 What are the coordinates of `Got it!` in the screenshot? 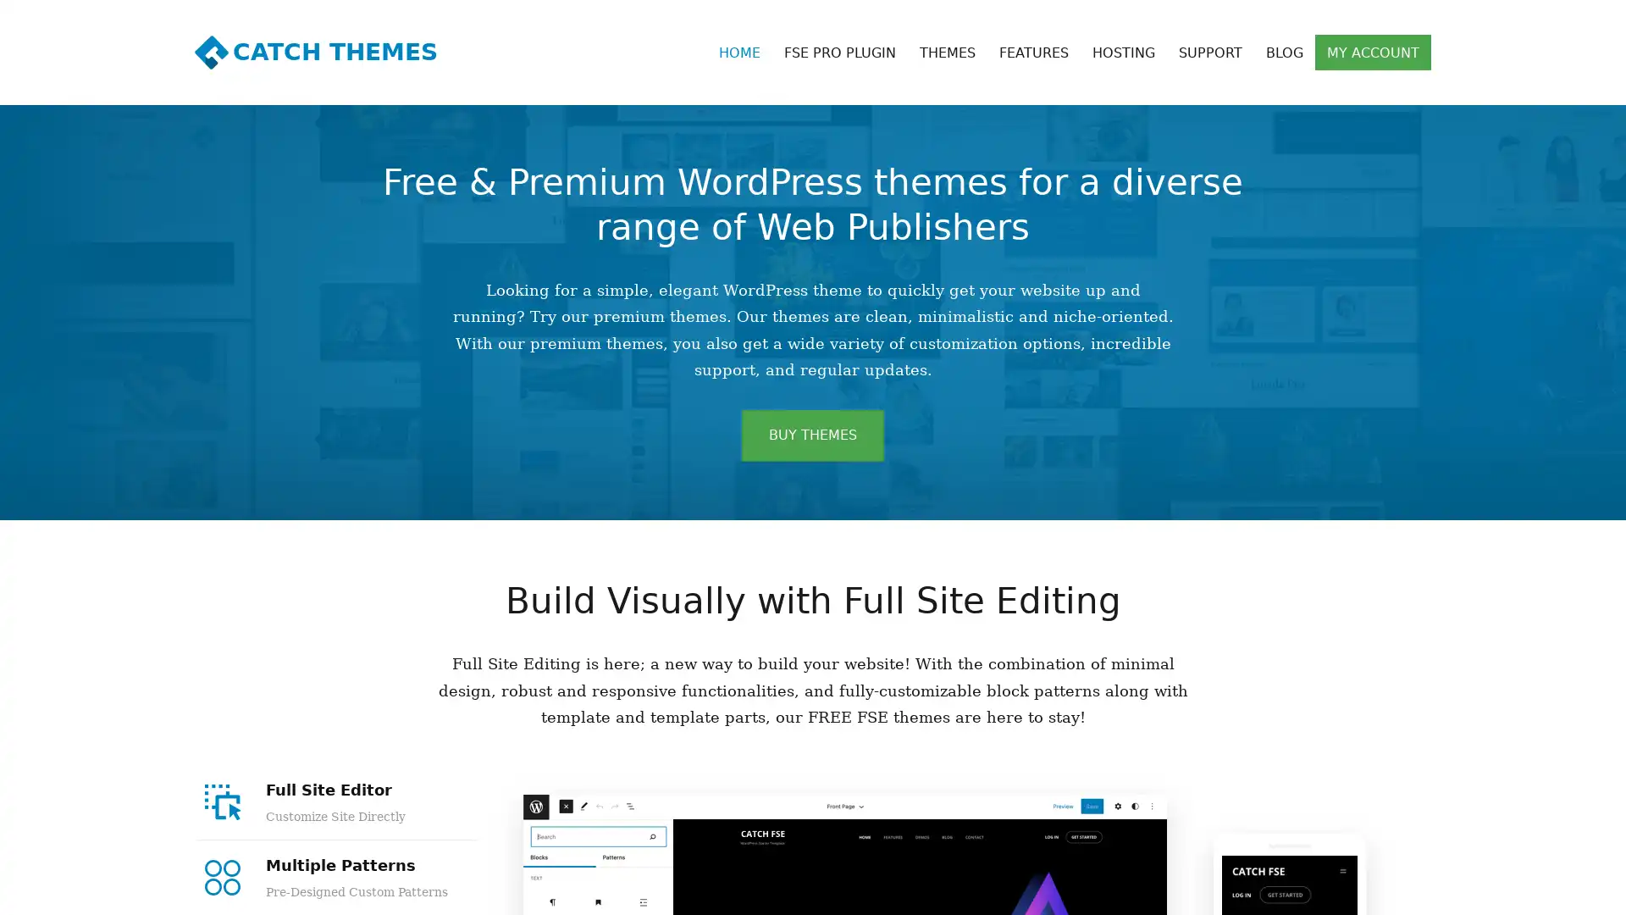 It's located at (1576, 893).